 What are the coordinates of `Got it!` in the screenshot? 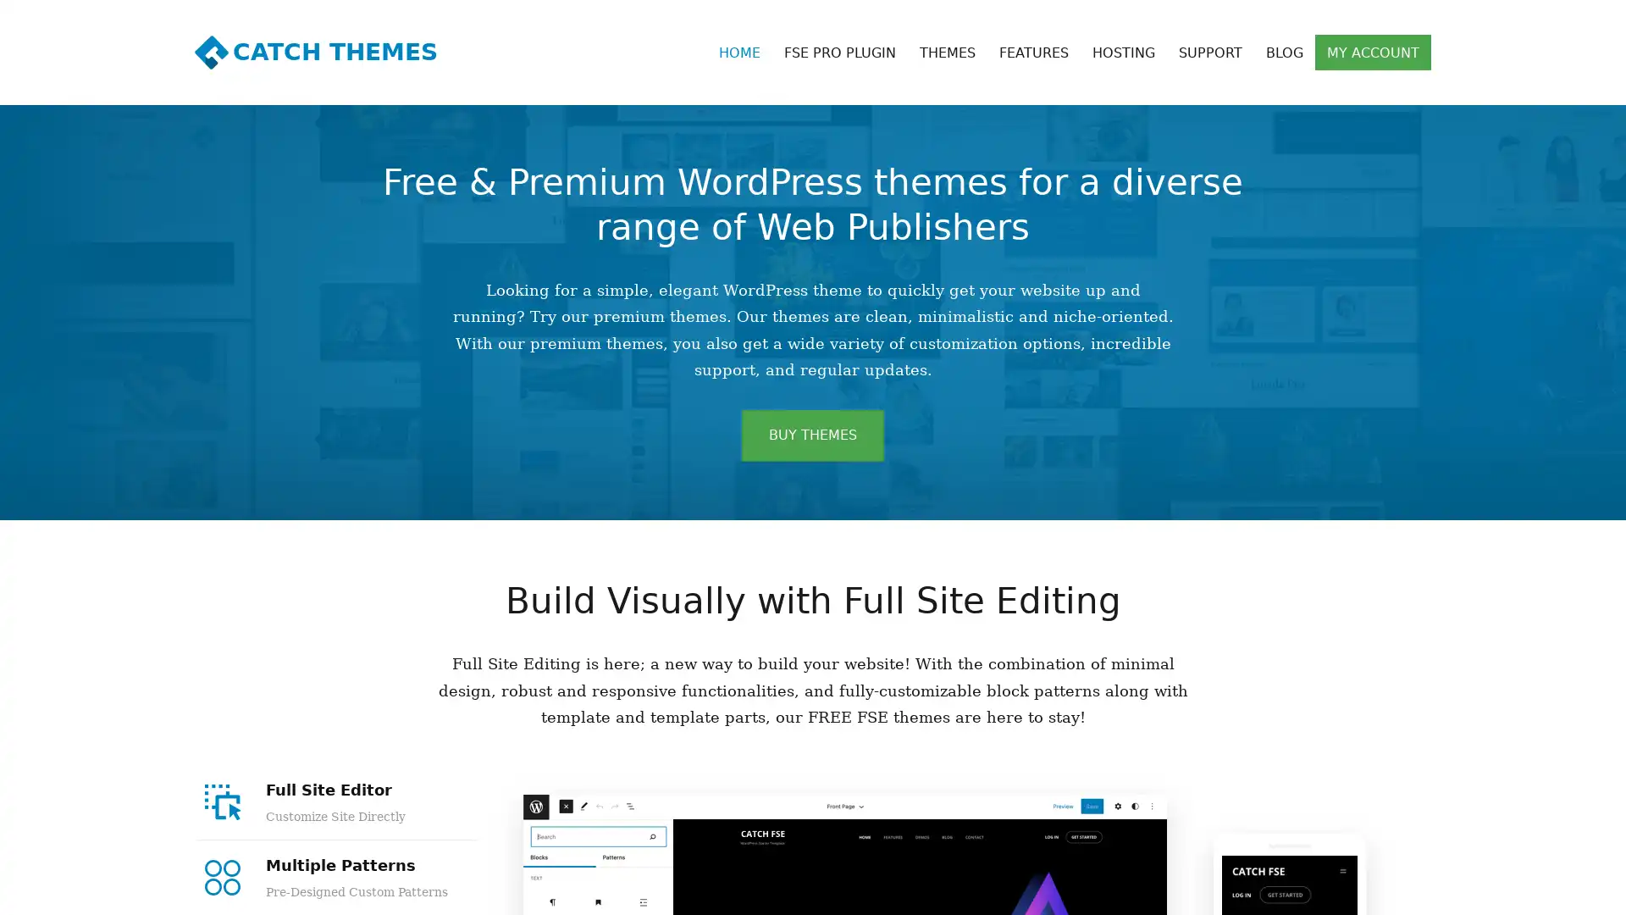 It's located at (1576, 893).